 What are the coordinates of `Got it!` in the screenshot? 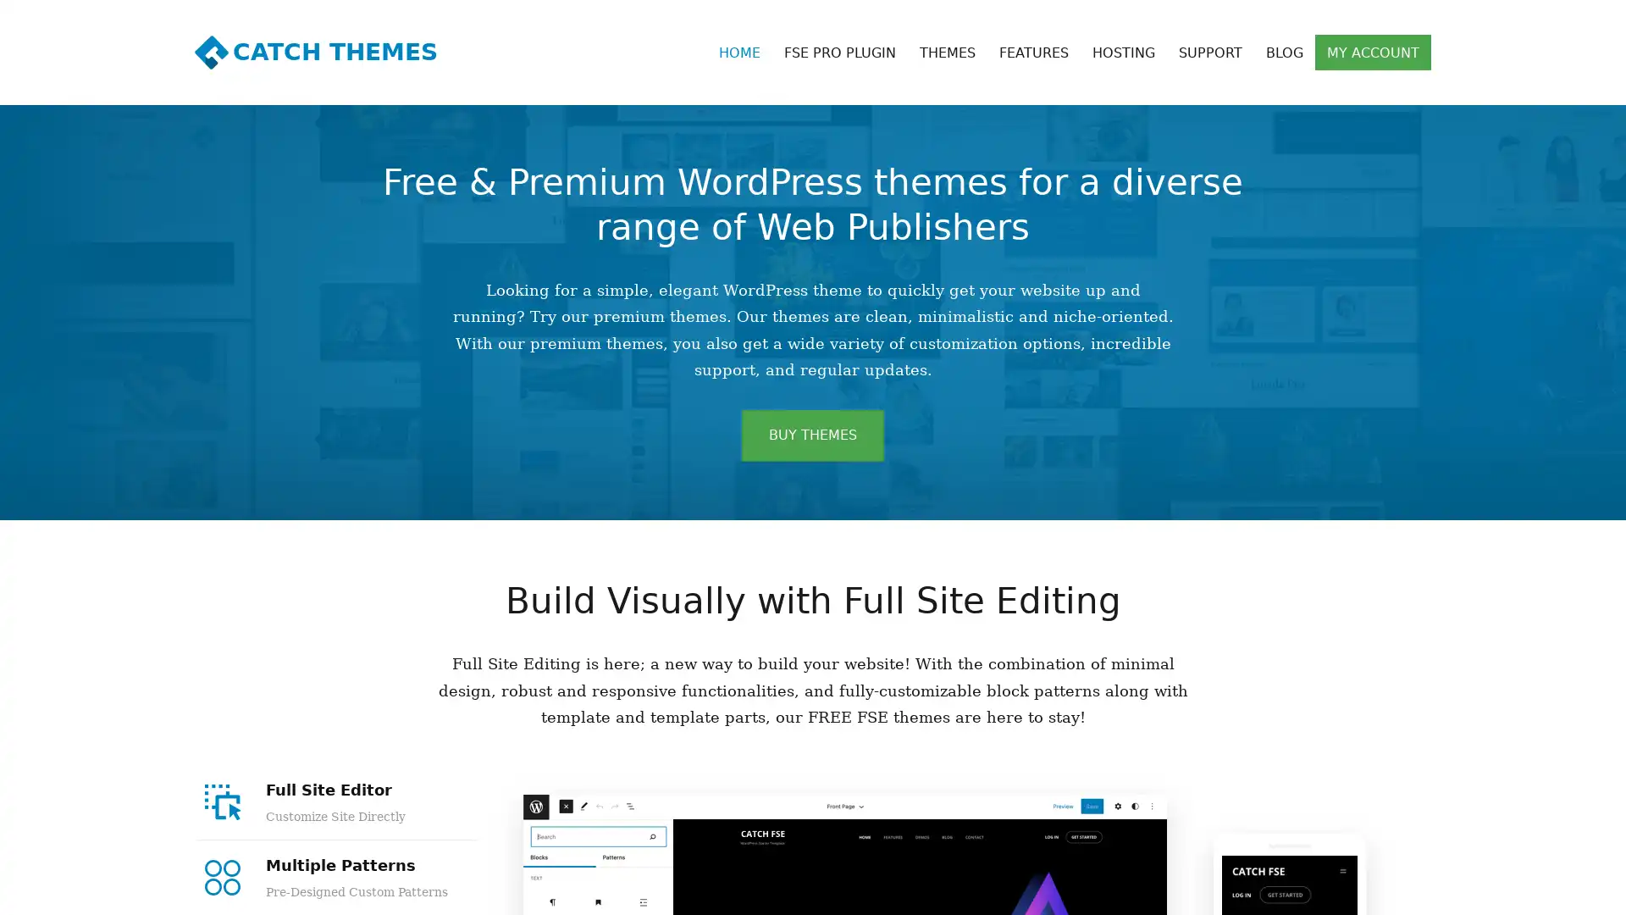 It's located at (1576, 893).